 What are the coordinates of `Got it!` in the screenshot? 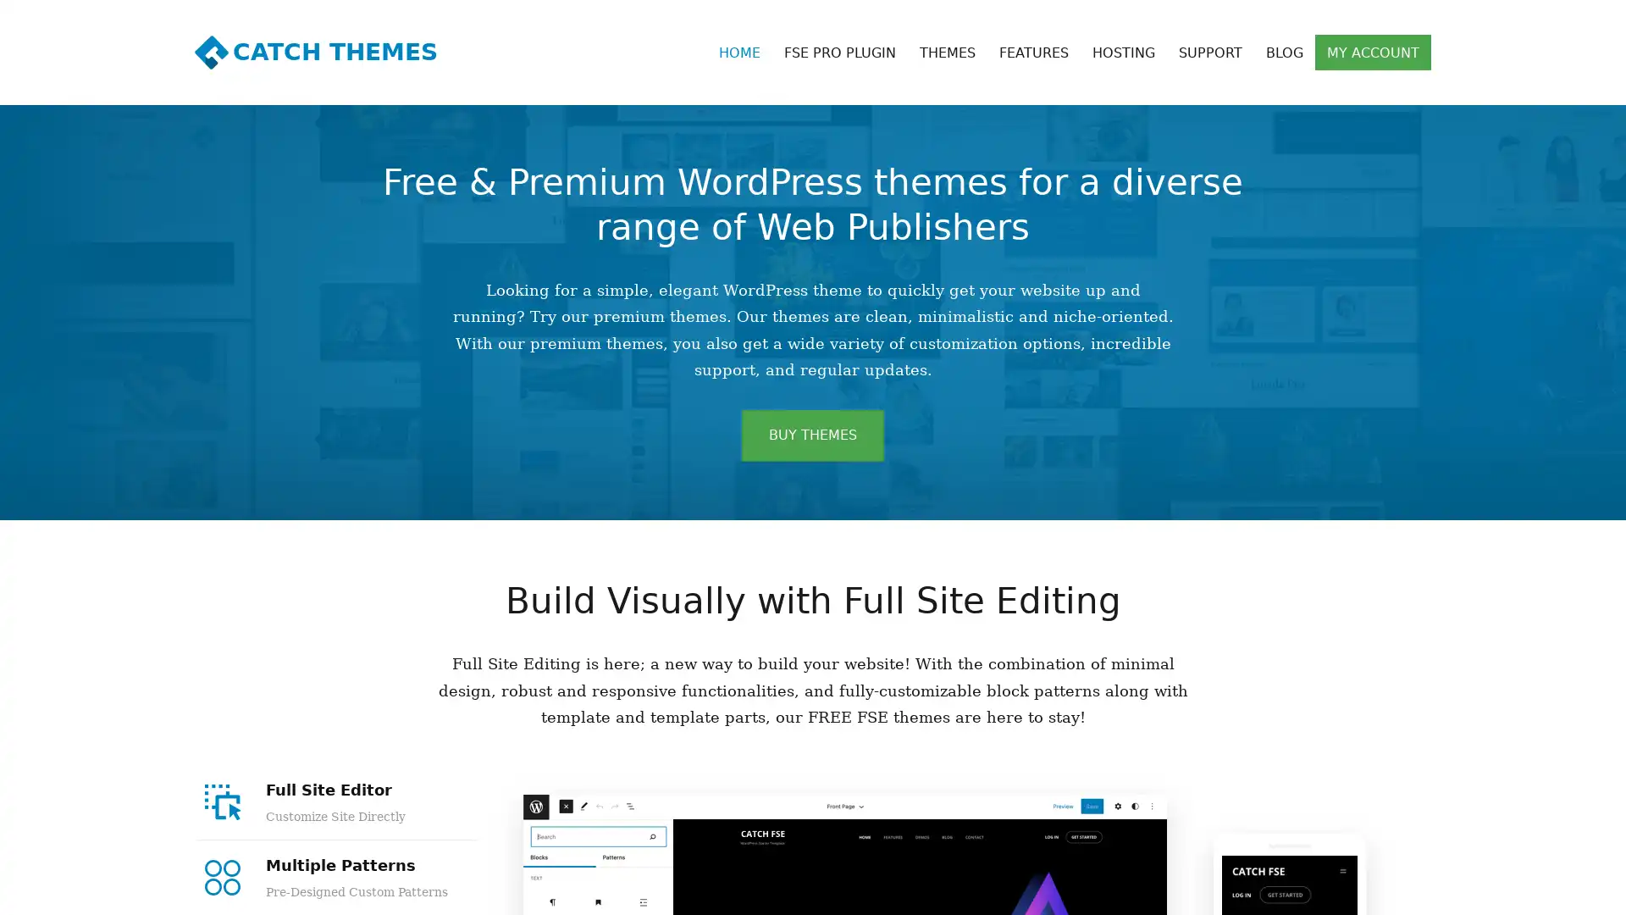 It's located at (1576, 893).